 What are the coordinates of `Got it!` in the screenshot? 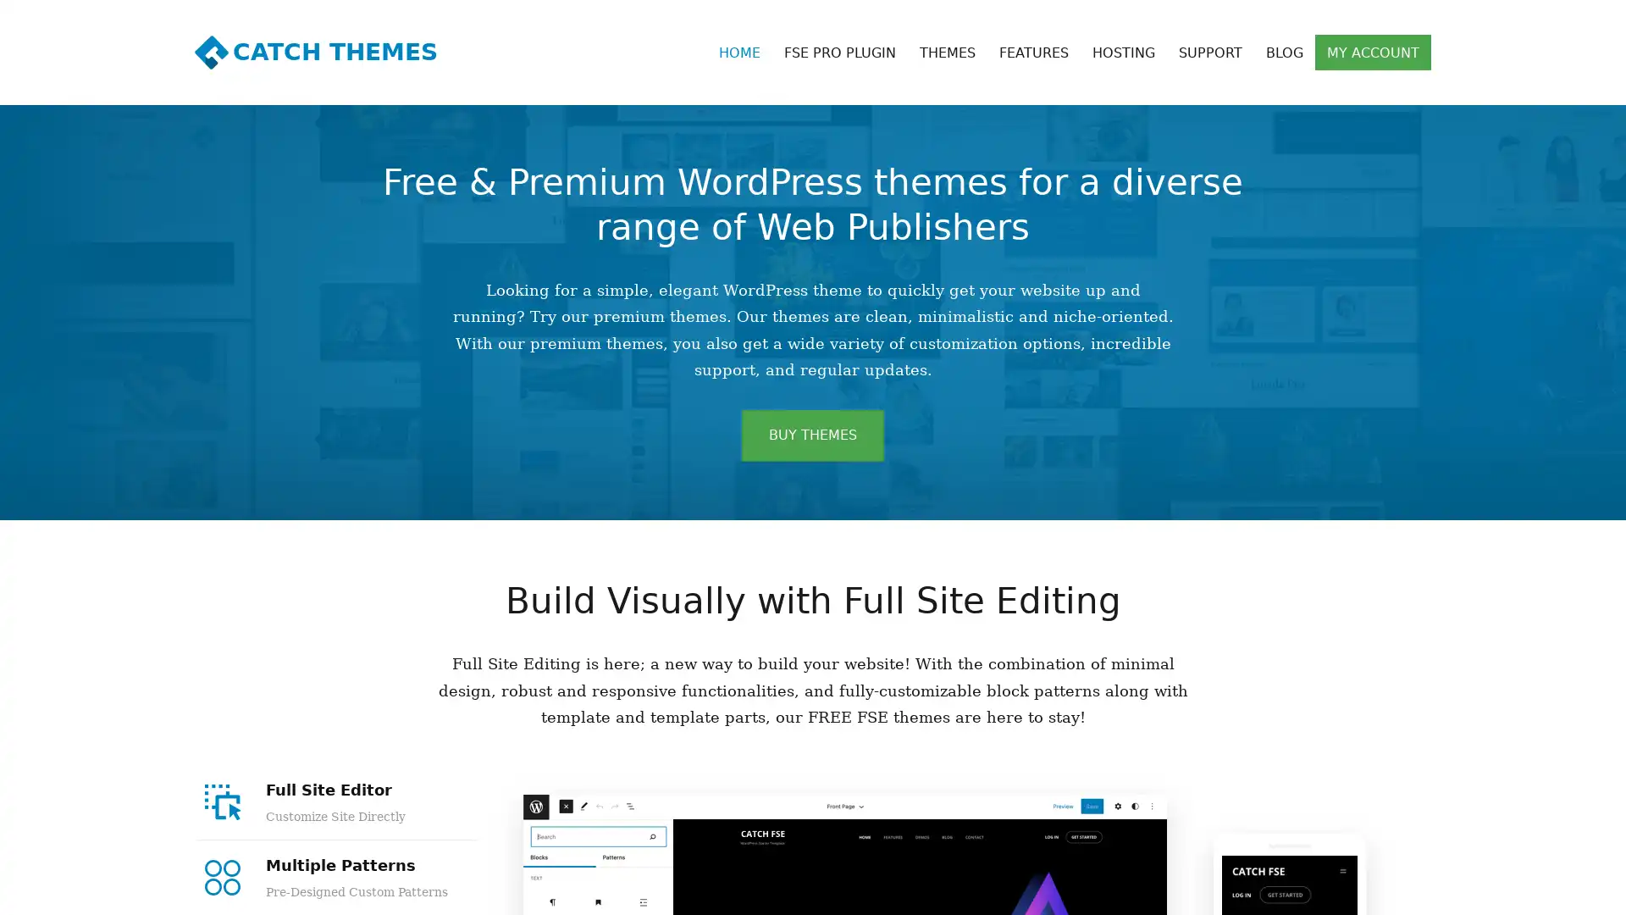 It's located at (1576, 893).